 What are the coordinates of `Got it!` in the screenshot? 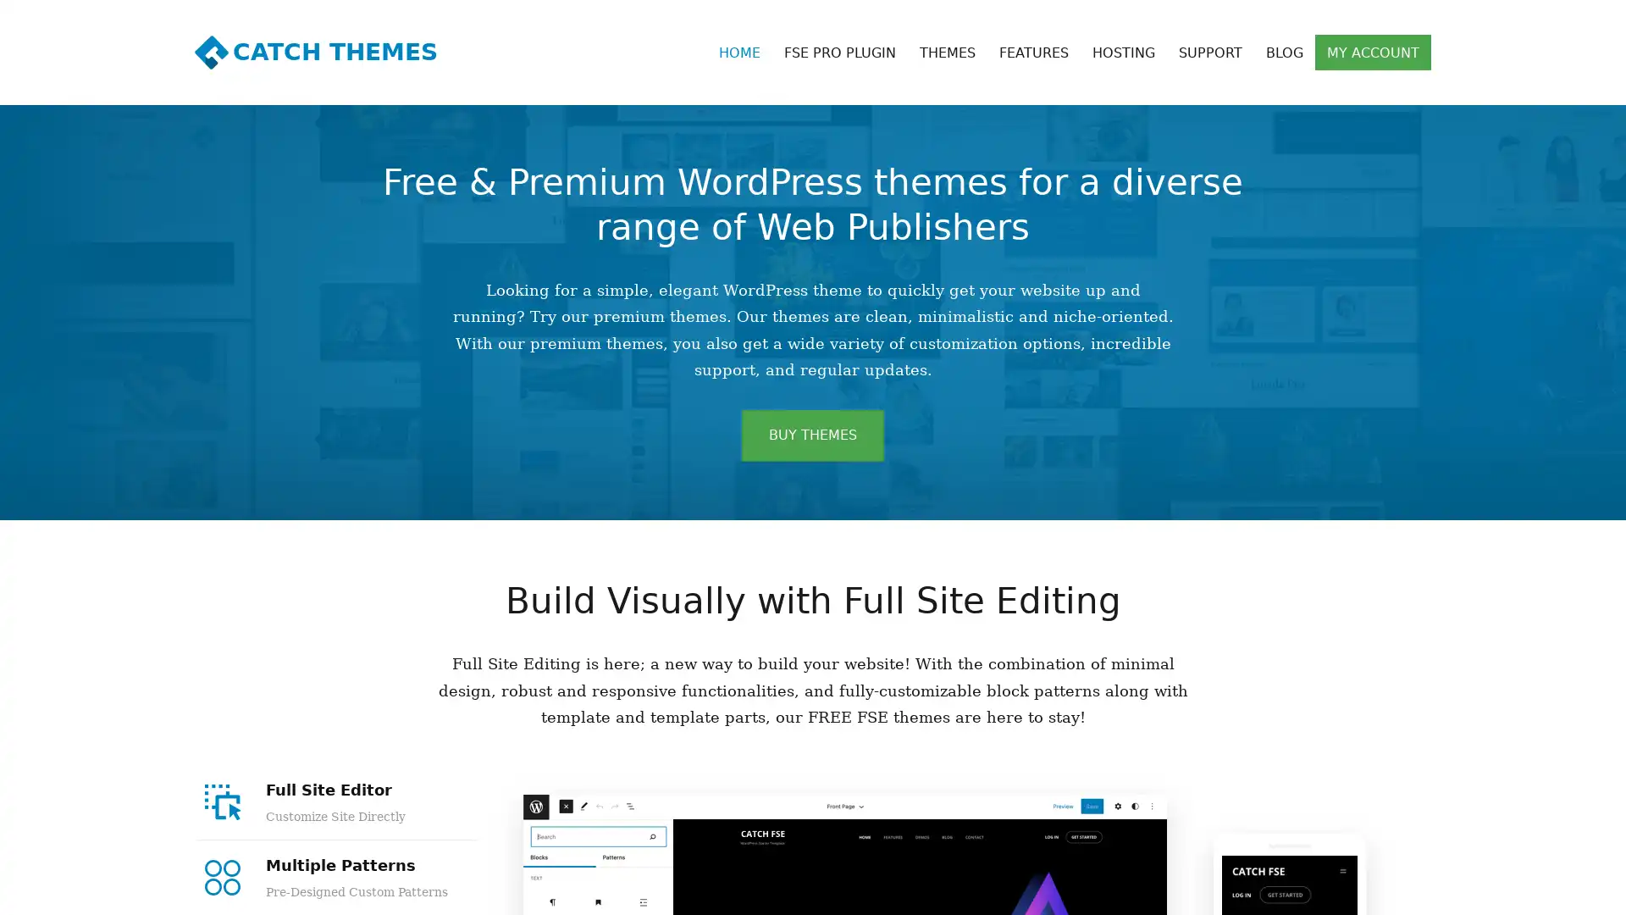 It's located at (1576, 893).